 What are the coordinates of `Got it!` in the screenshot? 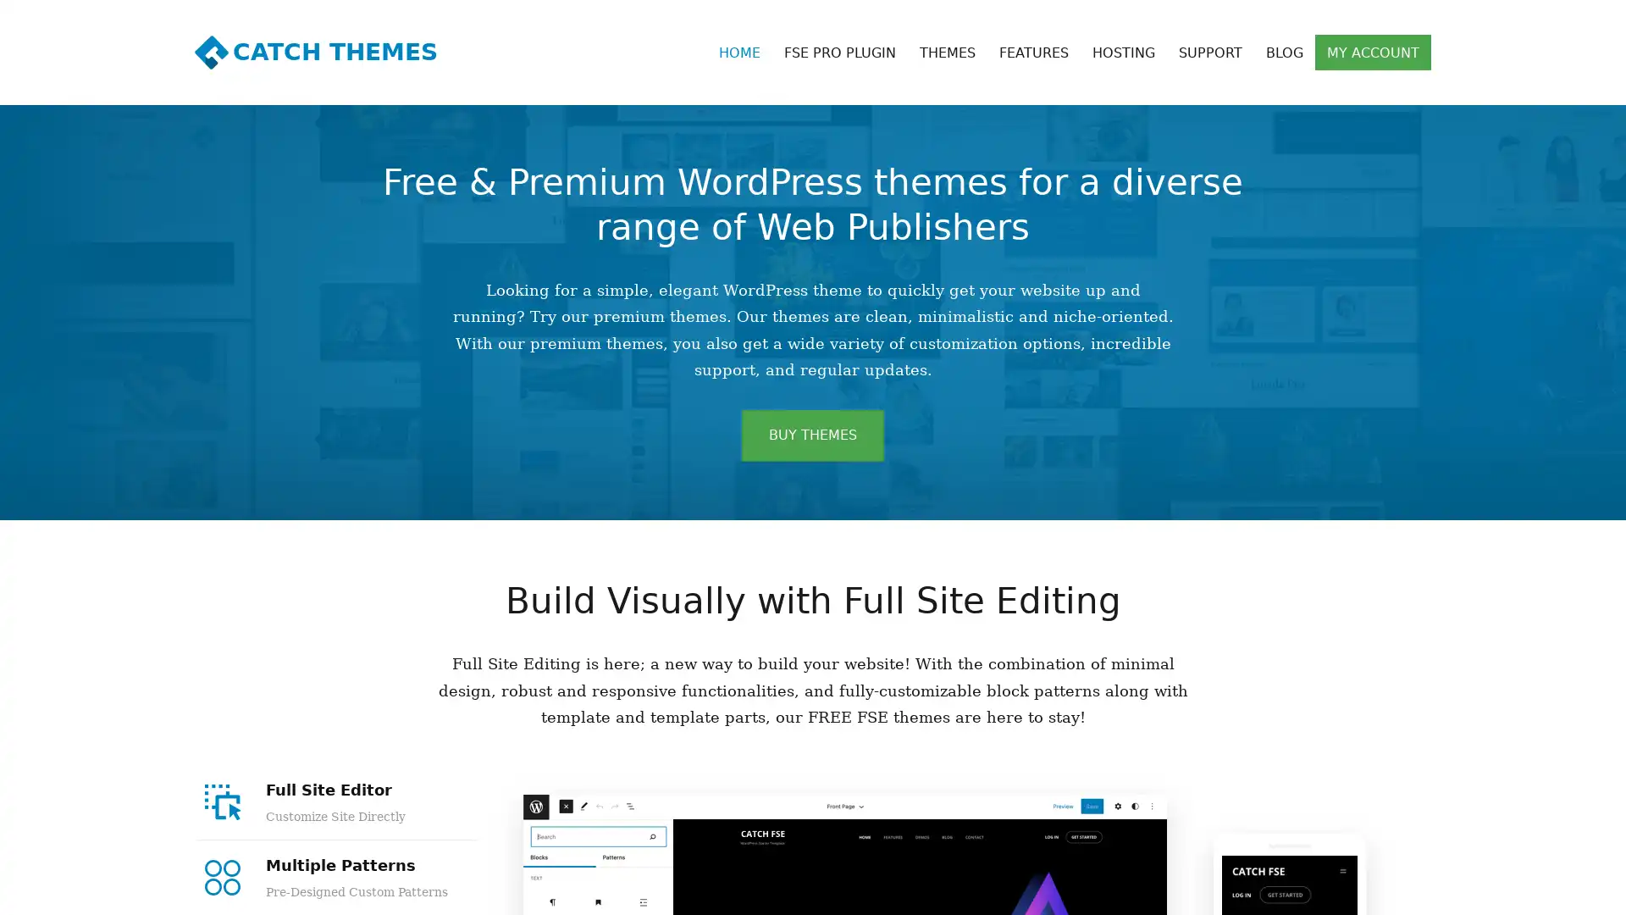 It's located at (1576, 893).